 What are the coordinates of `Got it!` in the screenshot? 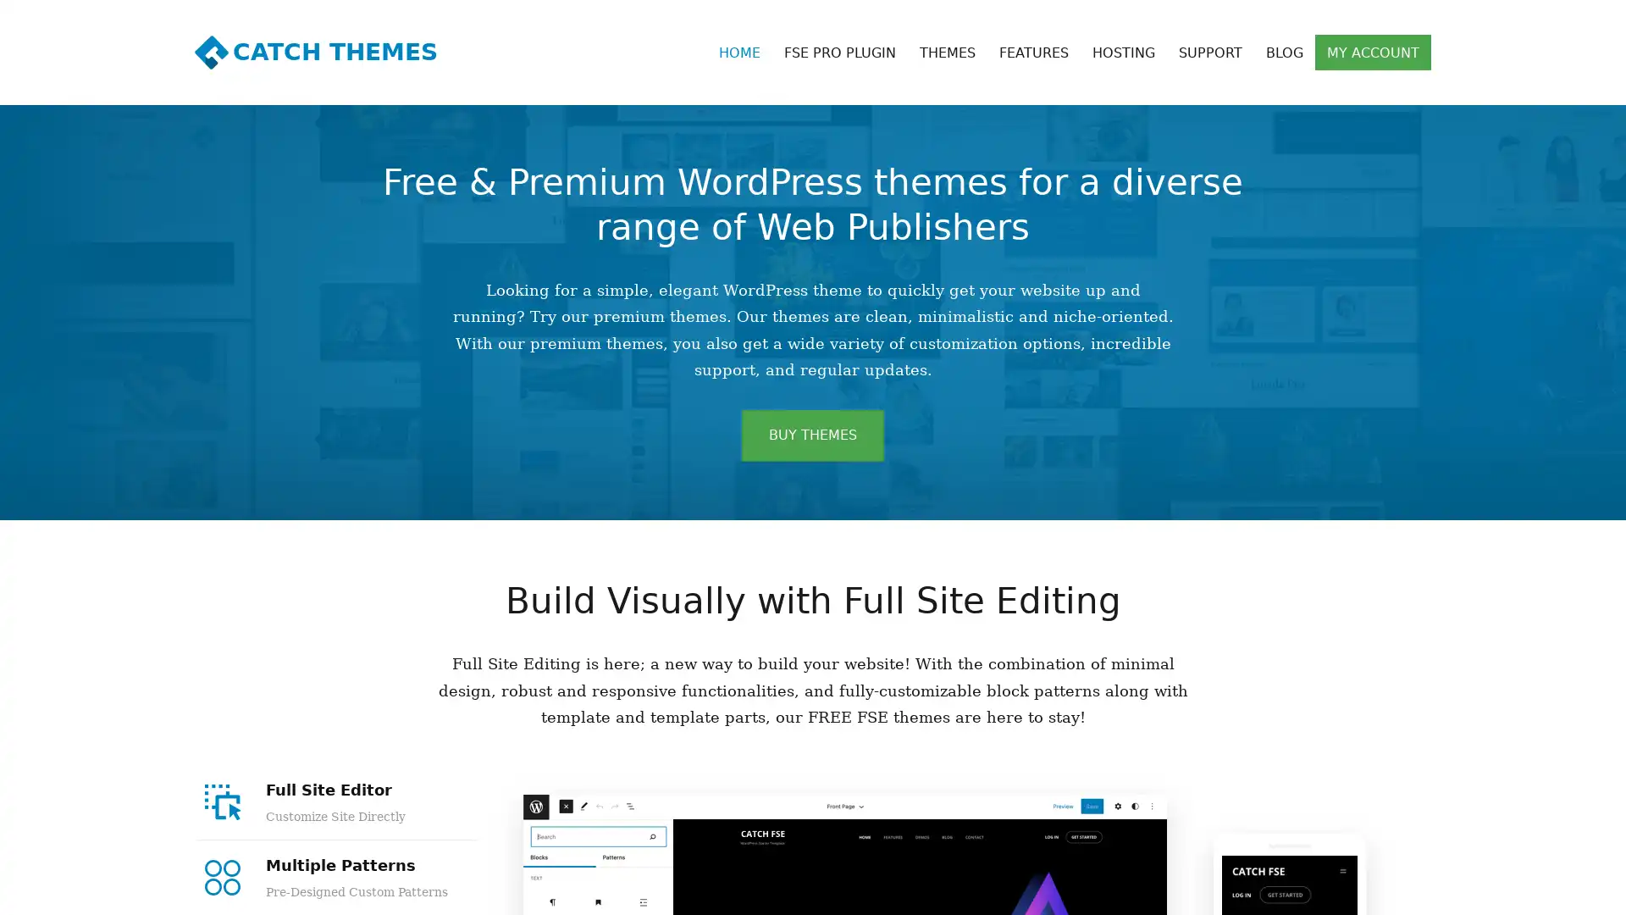 It's located at (1576, 893).